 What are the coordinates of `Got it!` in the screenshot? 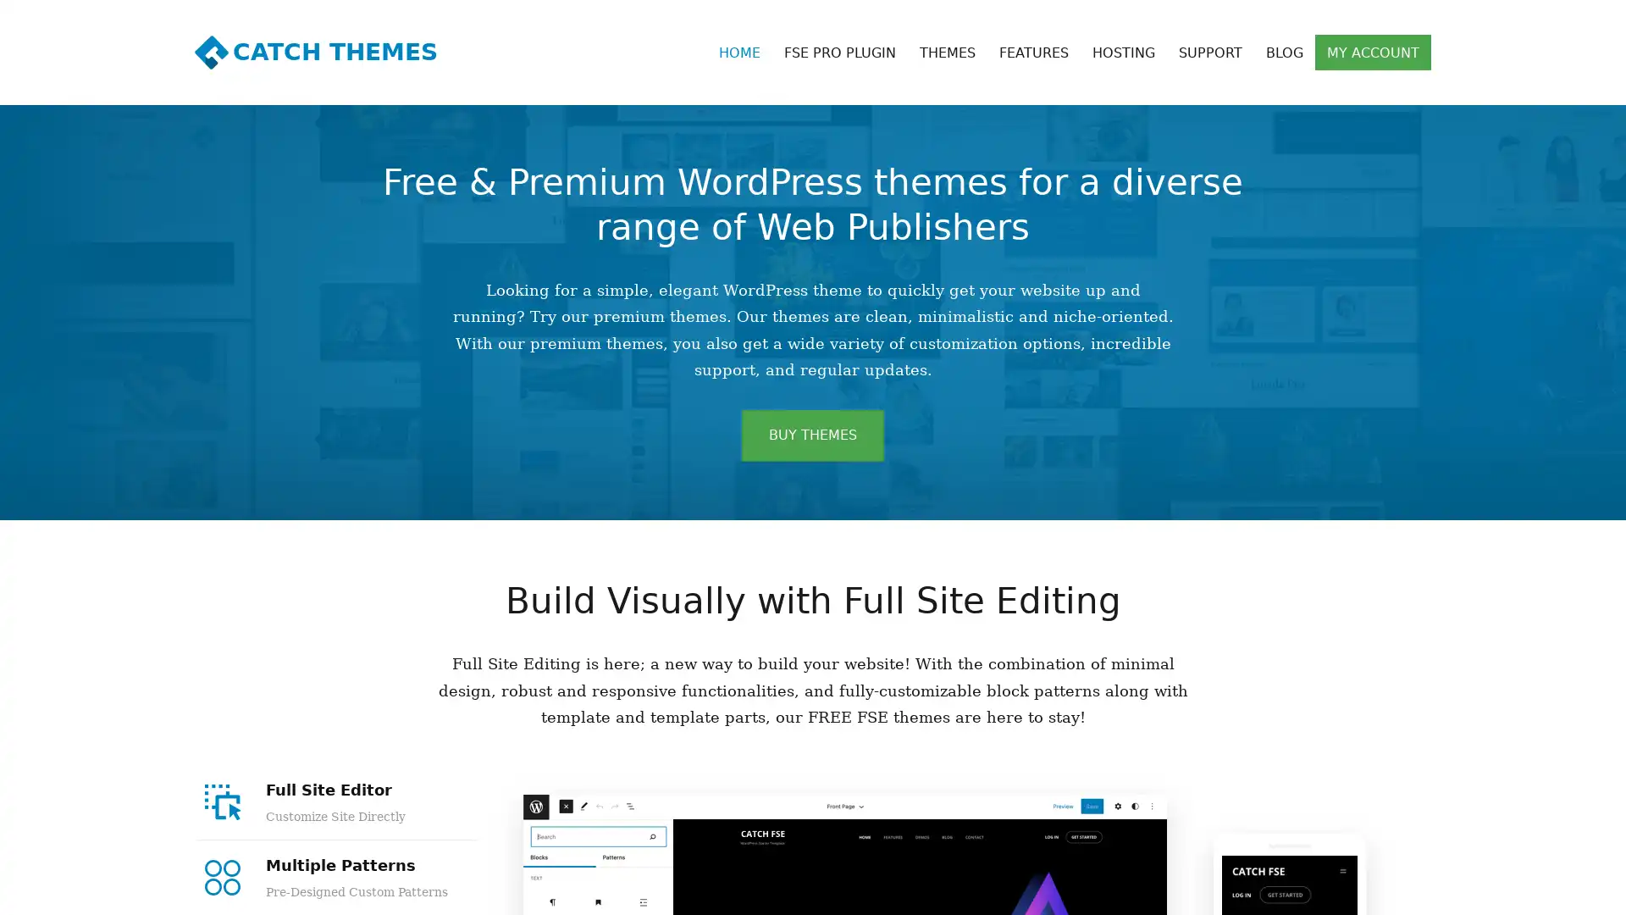 It's located at (1576, 893).